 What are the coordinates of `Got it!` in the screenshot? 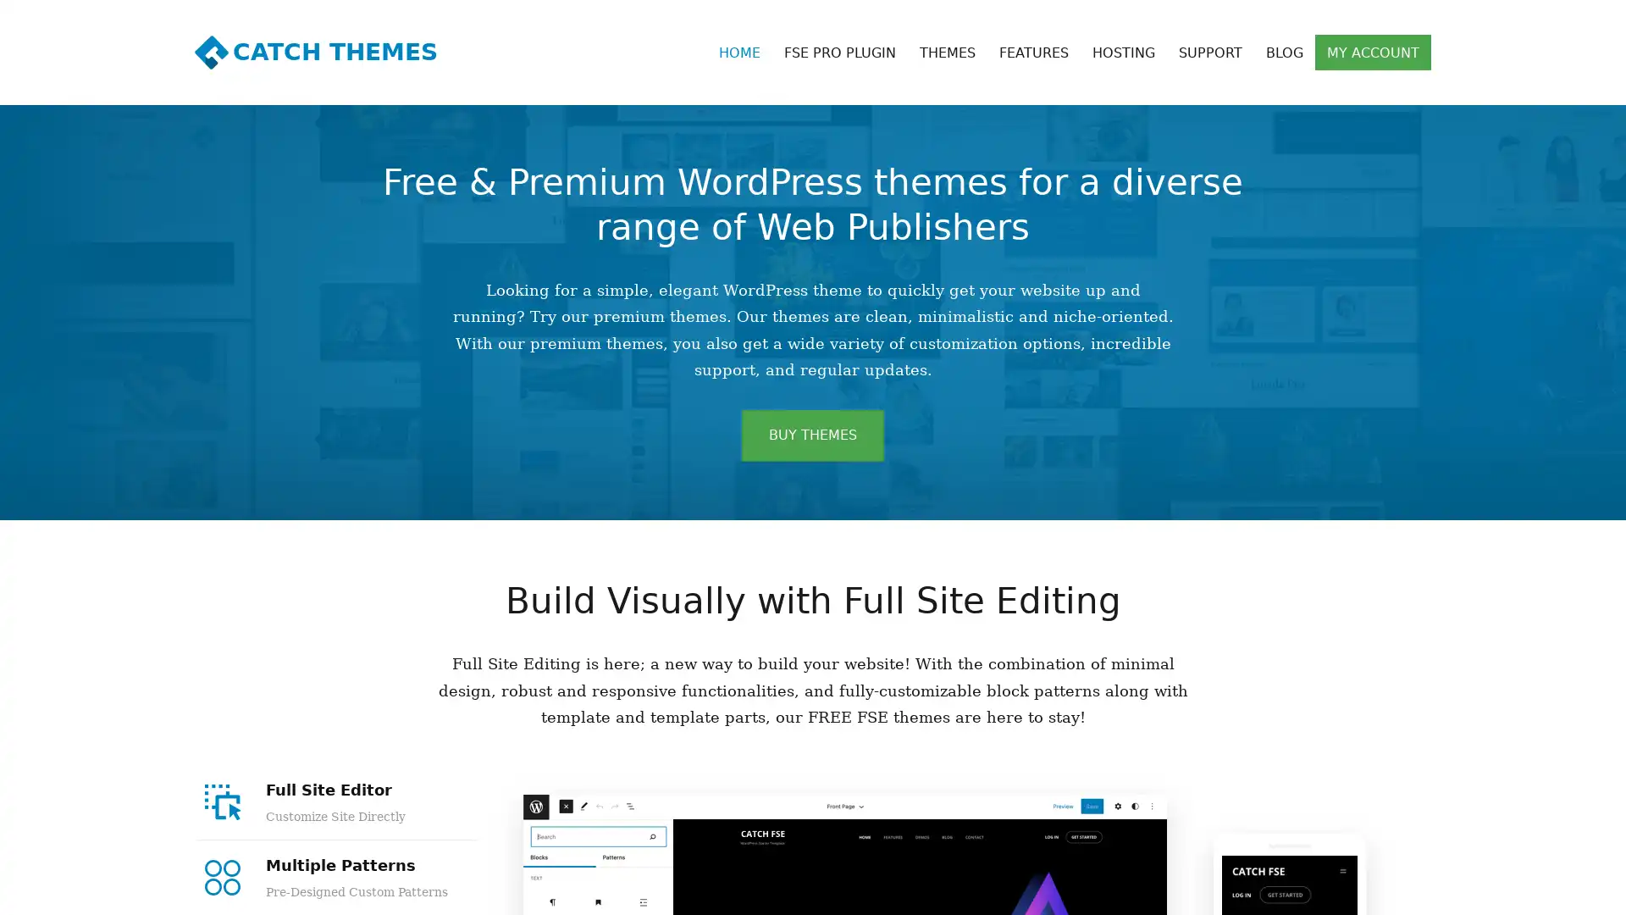 It's located at (1576, 893).